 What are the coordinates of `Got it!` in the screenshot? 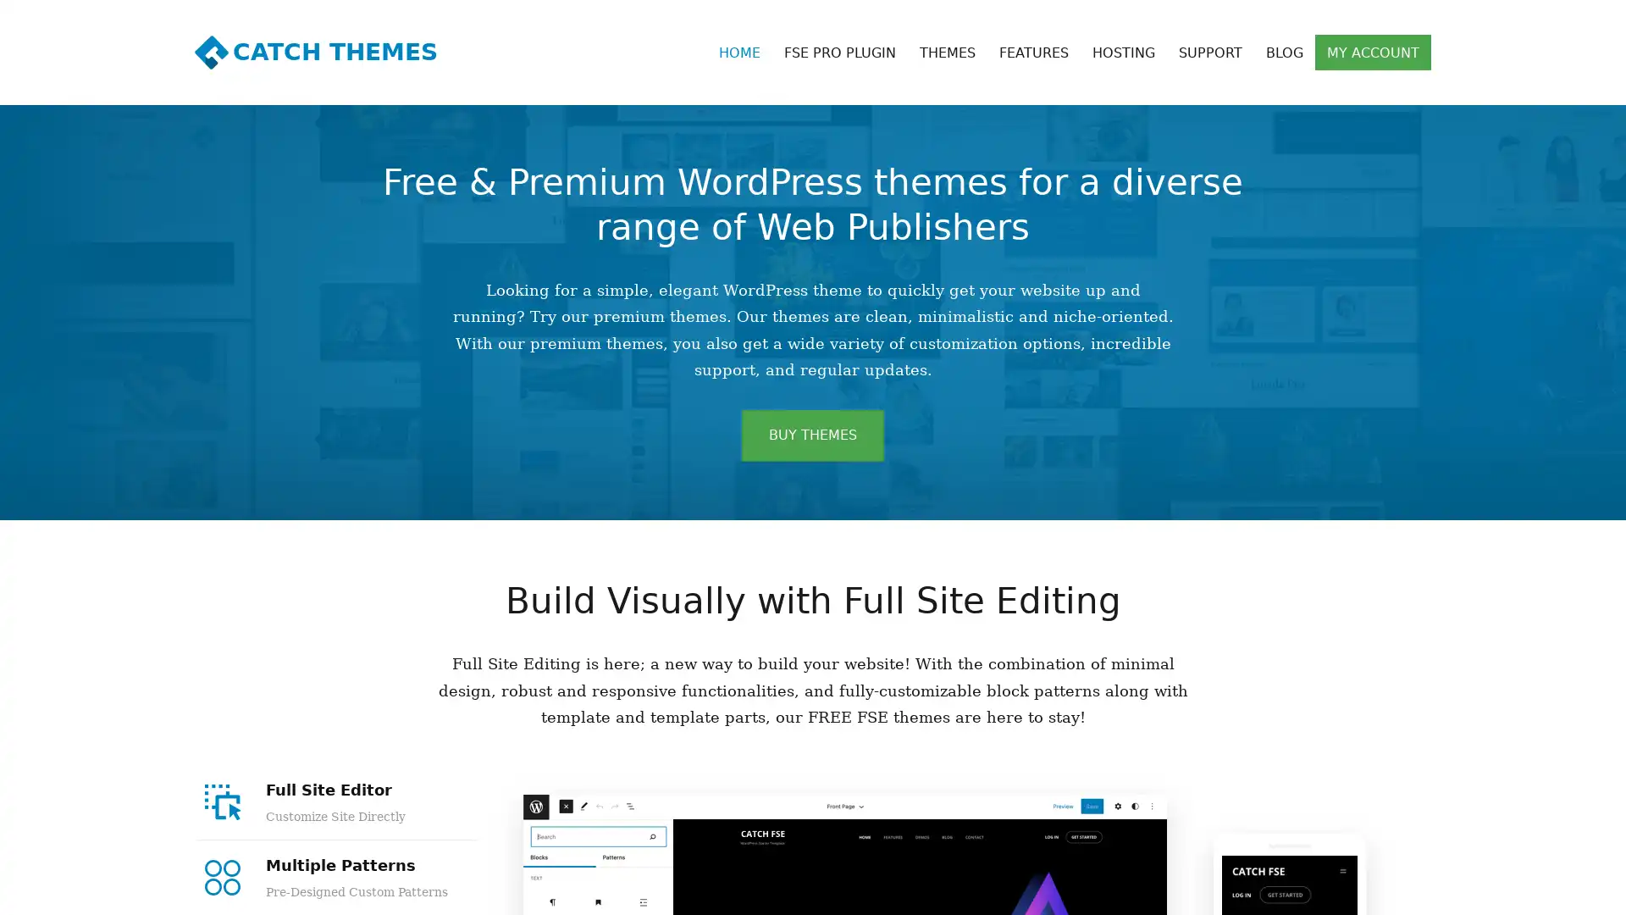 It's located at (1576, 893).